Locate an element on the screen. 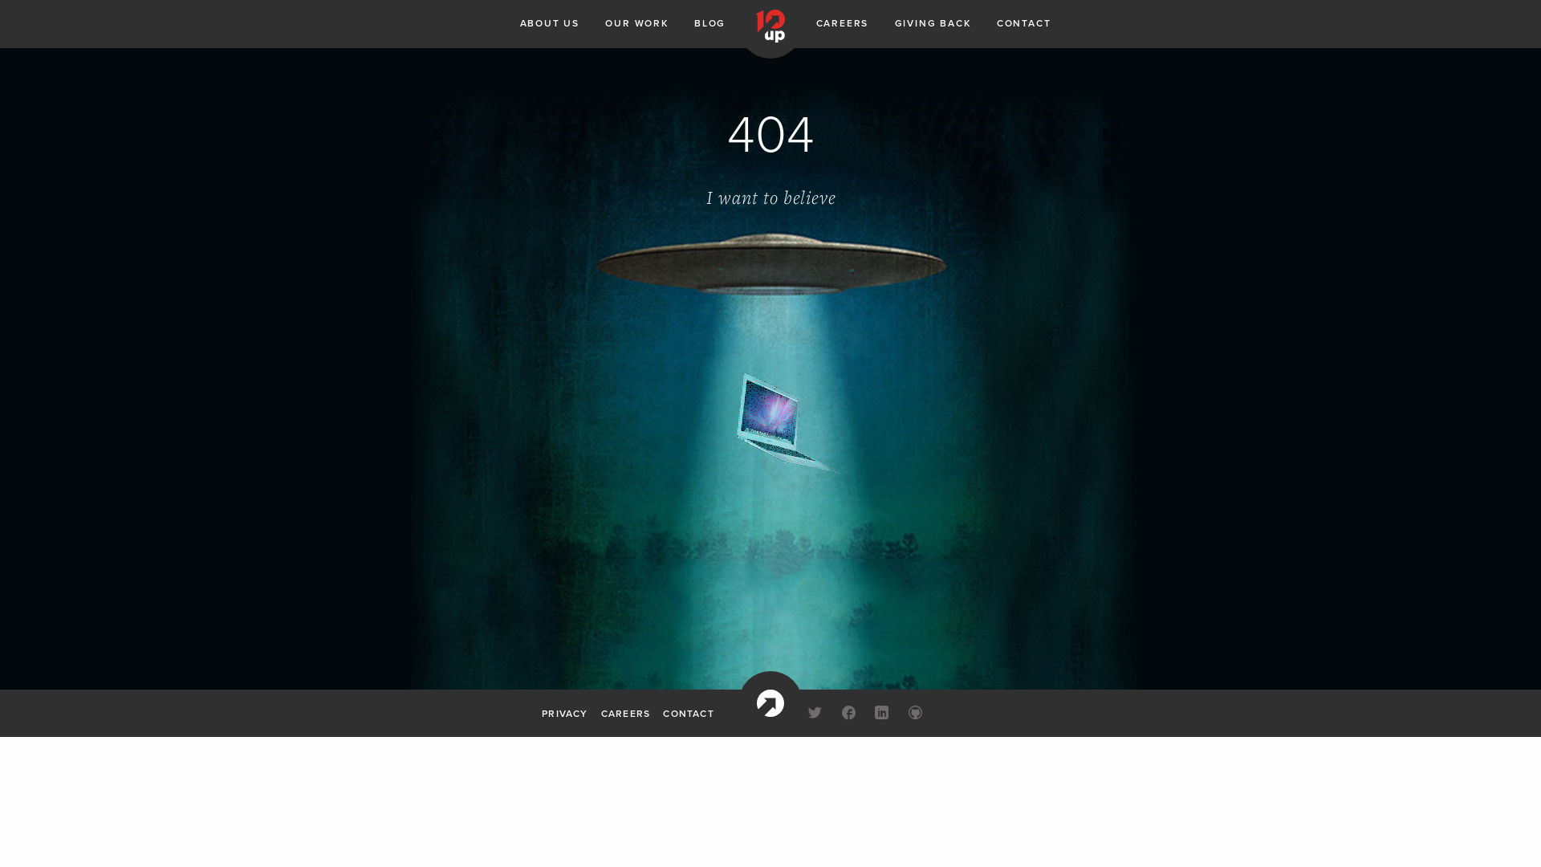 The height and width of the screenshot is (867, 1541). '10up' is located at coordinates (770, 702).